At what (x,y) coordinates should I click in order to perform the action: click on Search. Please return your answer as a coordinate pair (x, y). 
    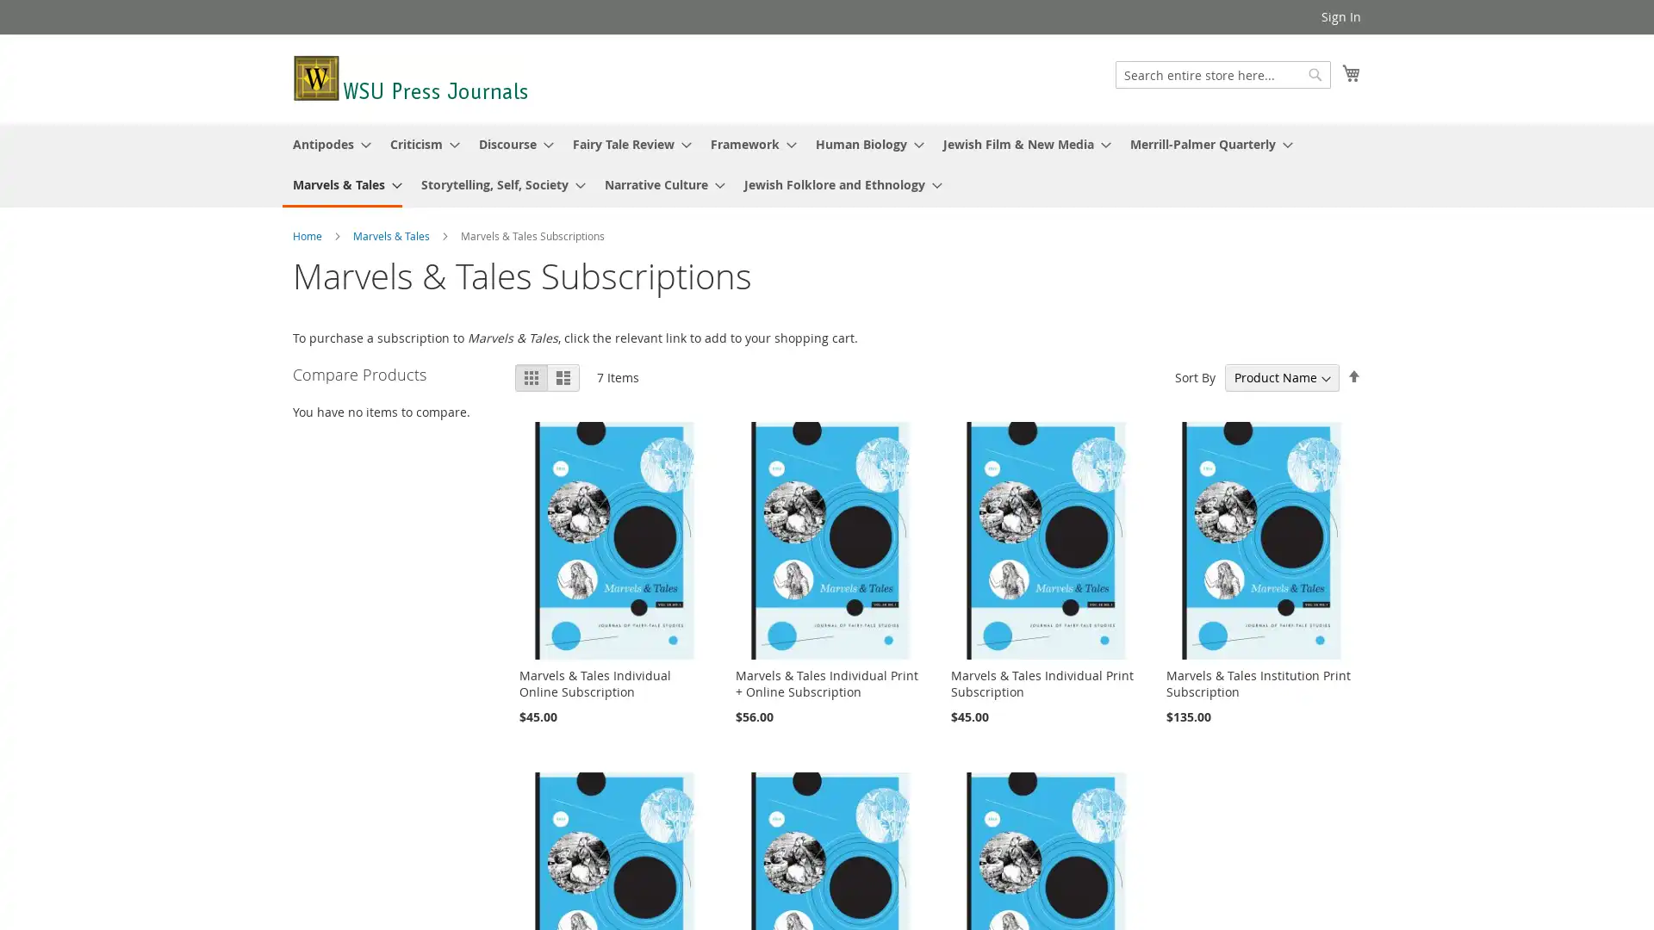
    Looking at the image, I should click on (1314, 74).